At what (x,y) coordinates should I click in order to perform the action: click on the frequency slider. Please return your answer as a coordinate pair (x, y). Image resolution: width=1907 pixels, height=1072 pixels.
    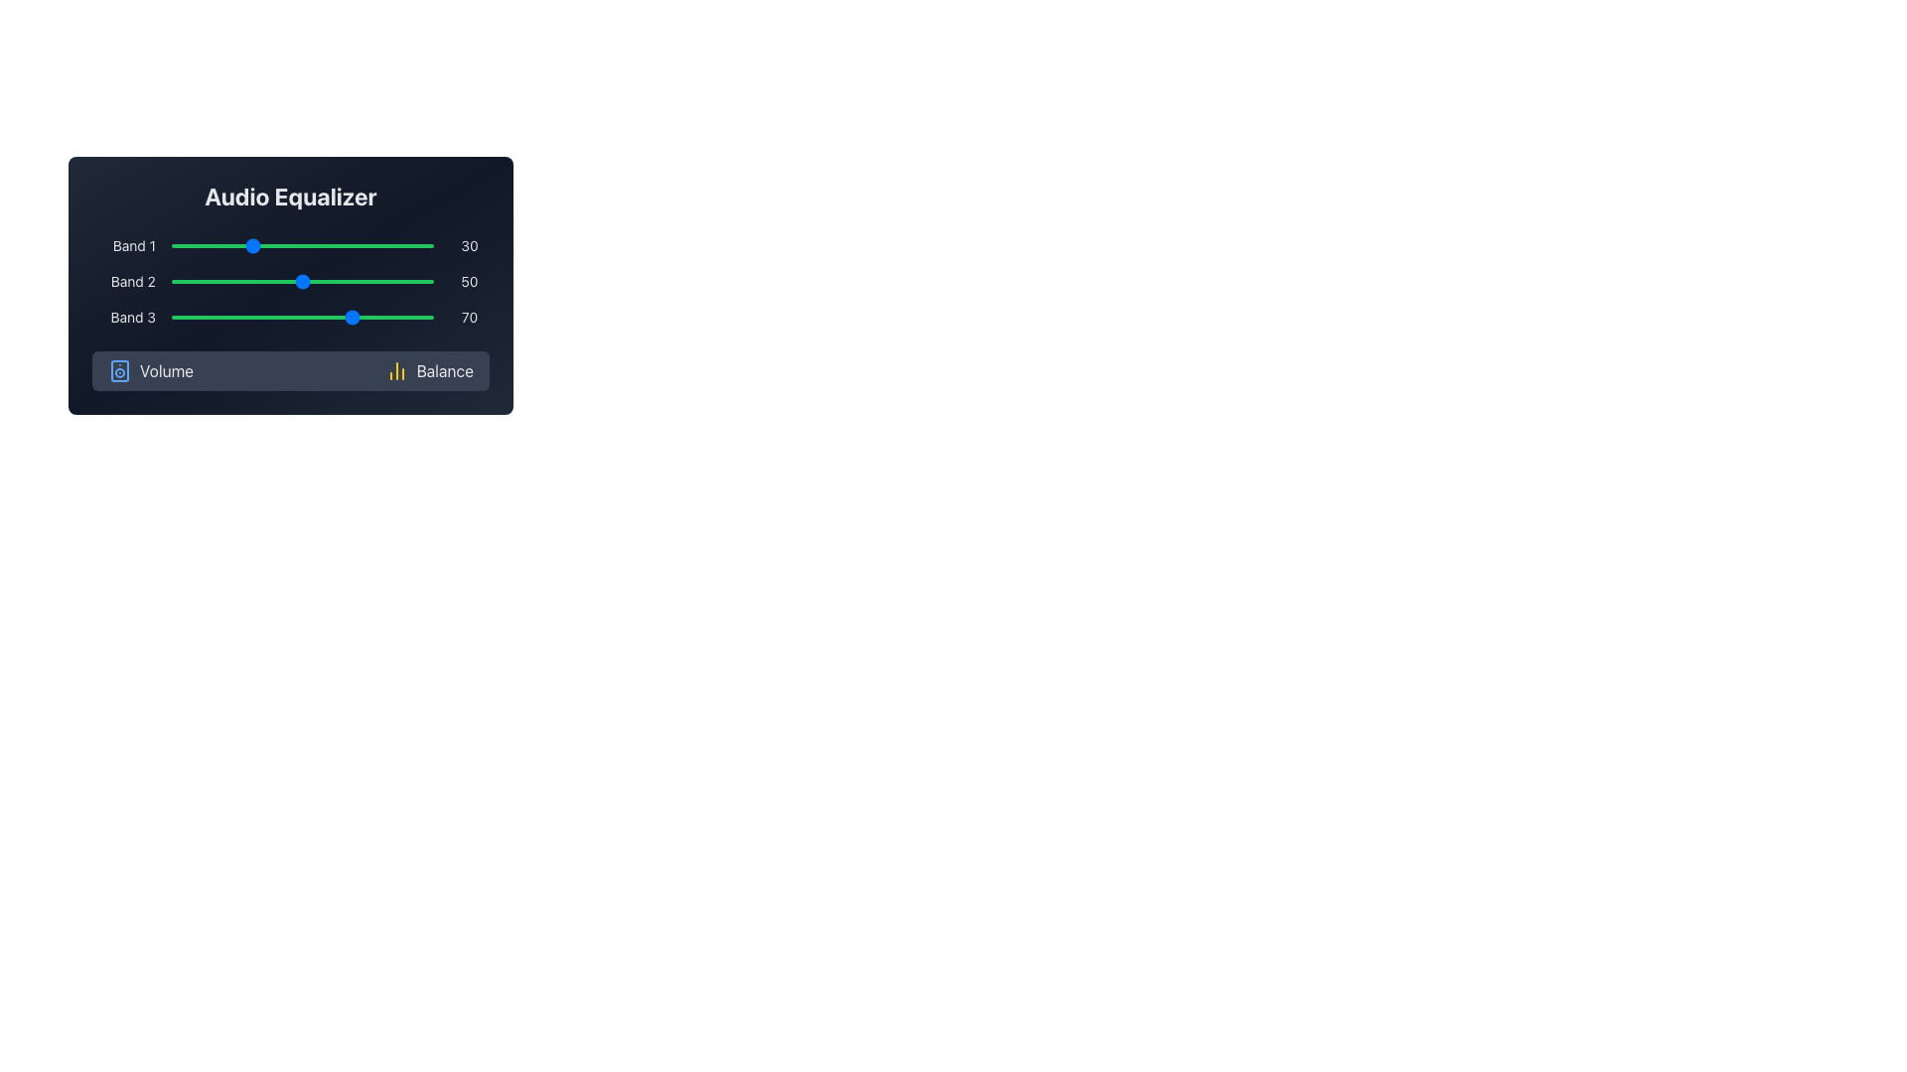
    Looking at the image, I should click on (179, 282).